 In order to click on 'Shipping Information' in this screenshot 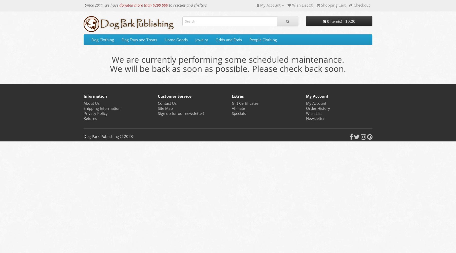, I will do `click(83, 108)`.